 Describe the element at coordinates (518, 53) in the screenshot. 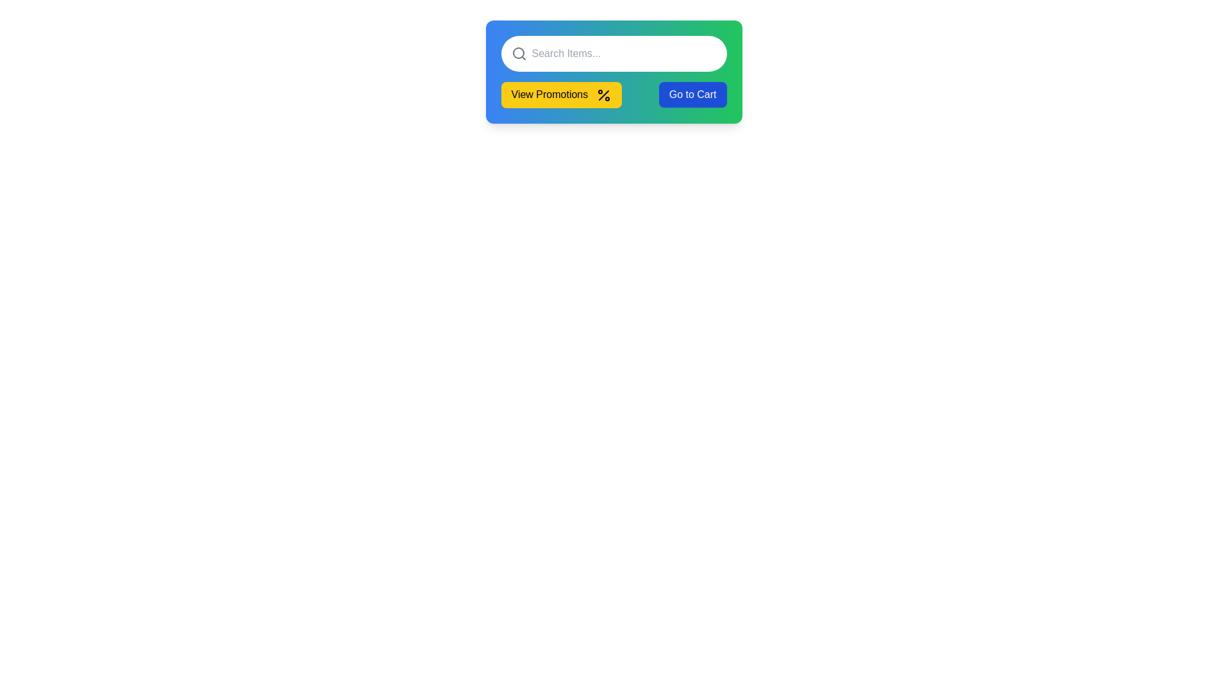

I see `the central circular part of the magnifying glass graphic, which is the main circular body within the search lens icon located at the left side of a search bar` at that location.